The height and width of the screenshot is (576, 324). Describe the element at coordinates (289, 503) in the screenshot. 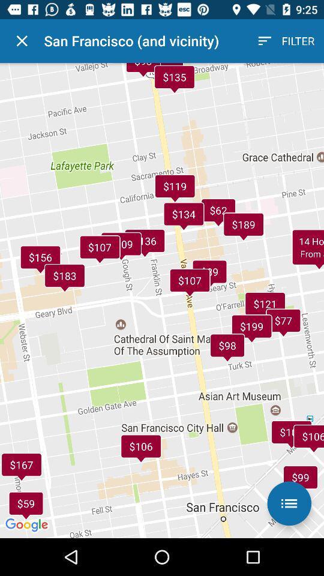

I see `the list icon` at that location.